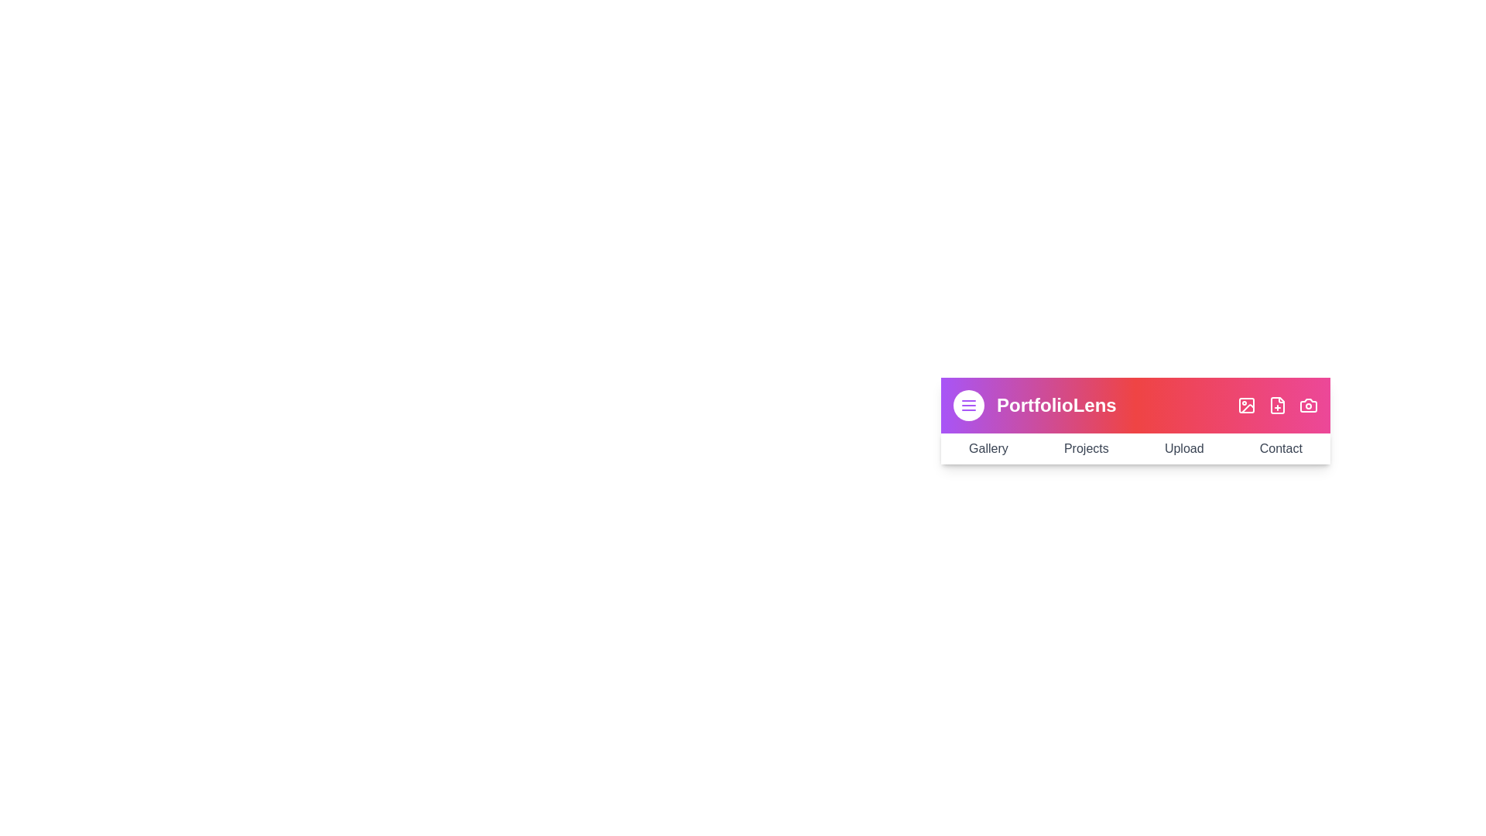 This screenshot has height=836, width=1486. Describe the element at coordinates (1281, 448) in the screenshot. I see `the navigation link for Contact` at that location.